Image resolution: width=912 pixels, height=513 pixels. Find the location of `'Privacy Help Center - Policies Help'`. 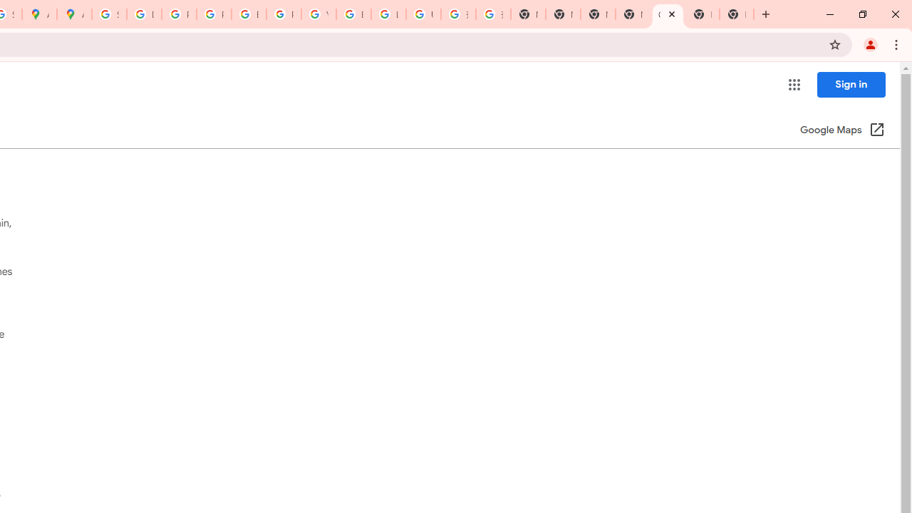

'Privacy Help Center - Policies Help' is located at coordinates (213, 14).